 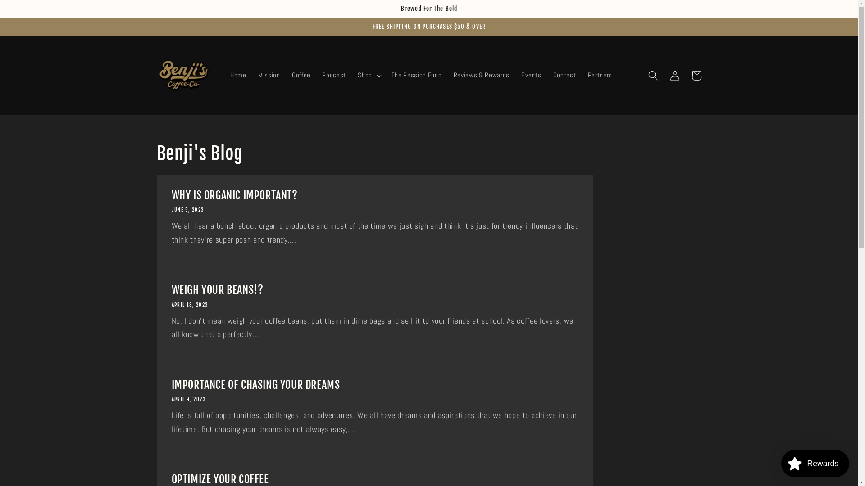 What do you see at coordinates (564, 75) in the screenshot?
I see `'Contact'` at bounding box center [564, 75].